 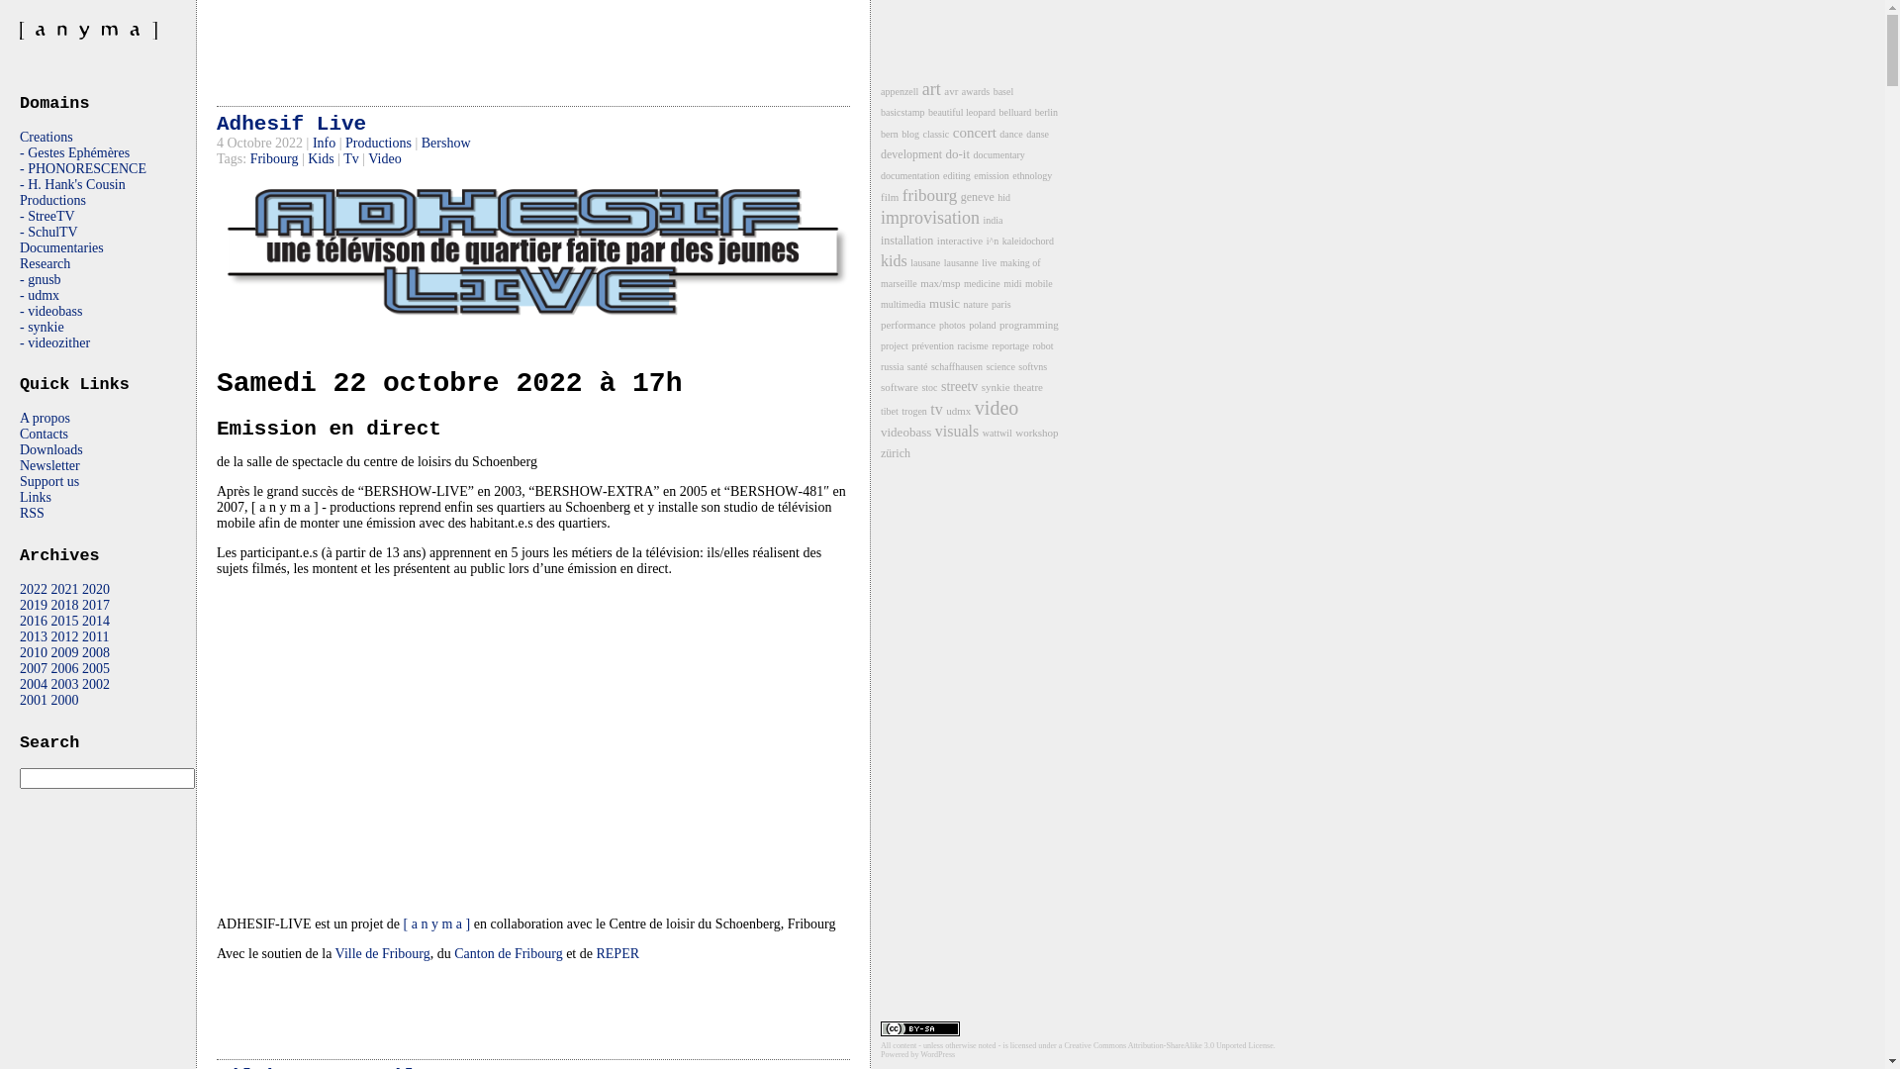 What do you see at coordinates (19, 200) in the screenshot?
I see `'Productions'` at bounding box center [19, 200].